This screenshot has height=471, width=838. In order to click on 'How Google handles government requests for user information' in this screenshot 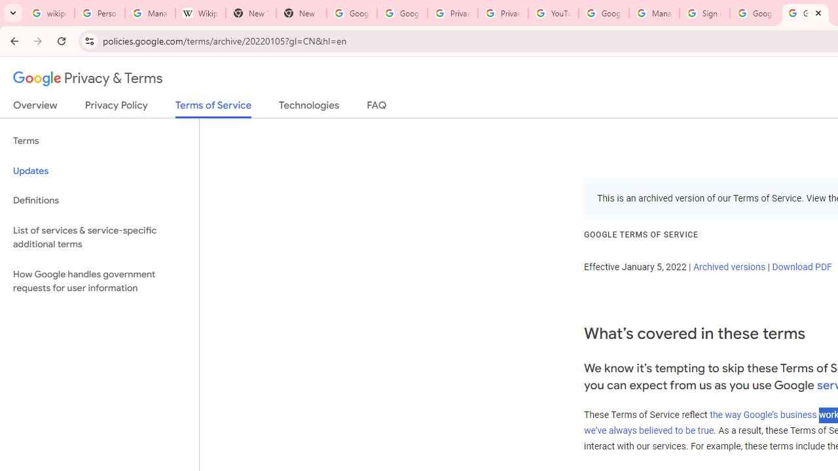, I will do `click(99, 280)`.